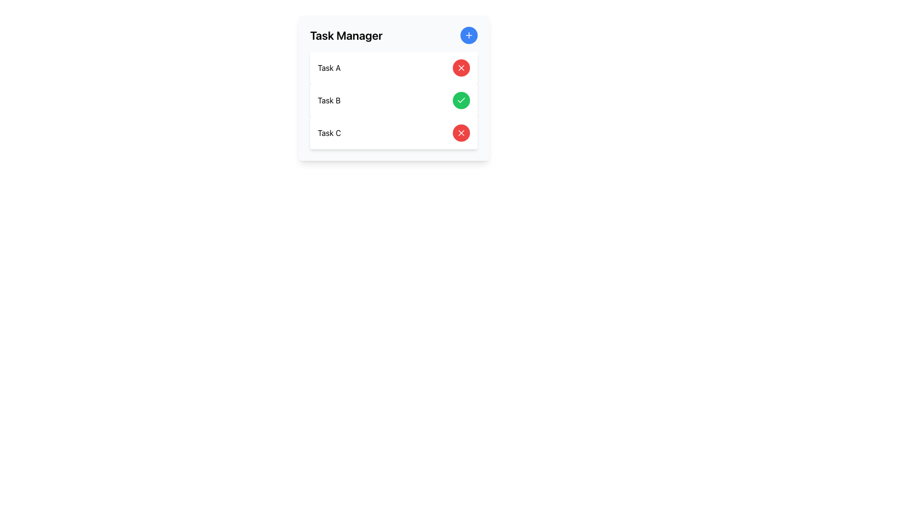 This screenshot has height=517, width=919. What do you see at coordinates (461, 100) in the screenshot?
I see `the green circular checkmark icon to mark the associated task as complete, which is located to the right of the 'Task B' label` at bounding box center [461, 100].